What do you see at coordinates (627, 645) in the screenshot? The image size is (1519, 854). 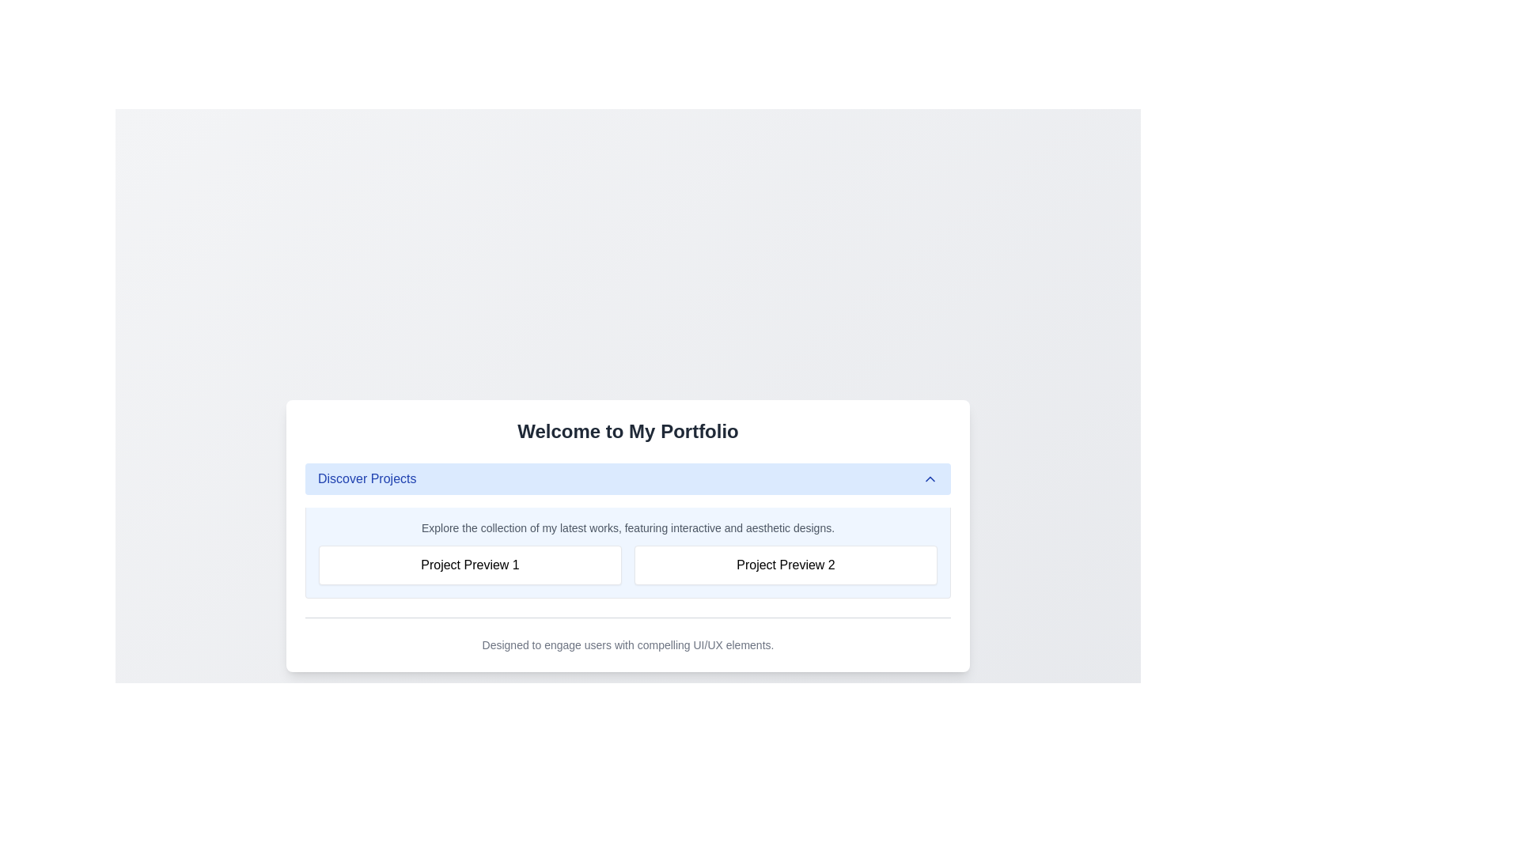 I see `and copy the static text located at the bottom of the 'Welcome to My Portfolio' card, which provides additional context or information` at bounding box center [627, 645].